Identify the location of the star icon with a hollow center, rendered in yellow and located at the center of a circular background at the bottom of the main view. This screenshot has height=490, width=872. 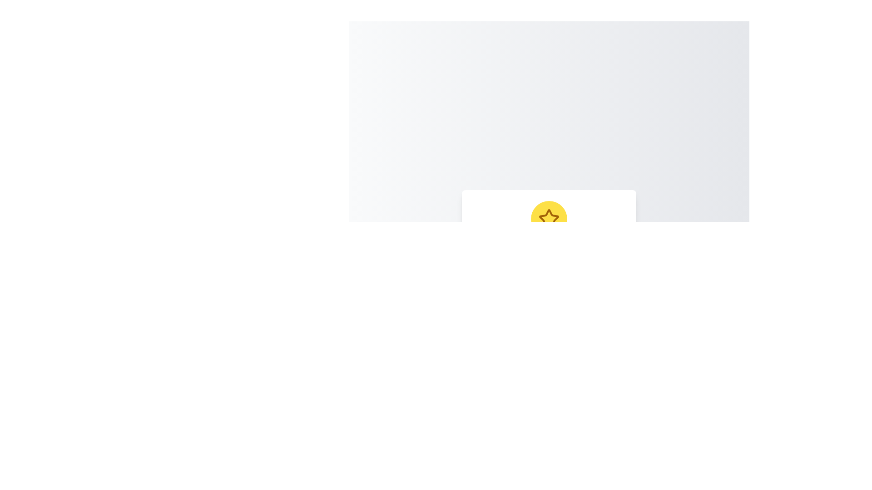
(549, 219).